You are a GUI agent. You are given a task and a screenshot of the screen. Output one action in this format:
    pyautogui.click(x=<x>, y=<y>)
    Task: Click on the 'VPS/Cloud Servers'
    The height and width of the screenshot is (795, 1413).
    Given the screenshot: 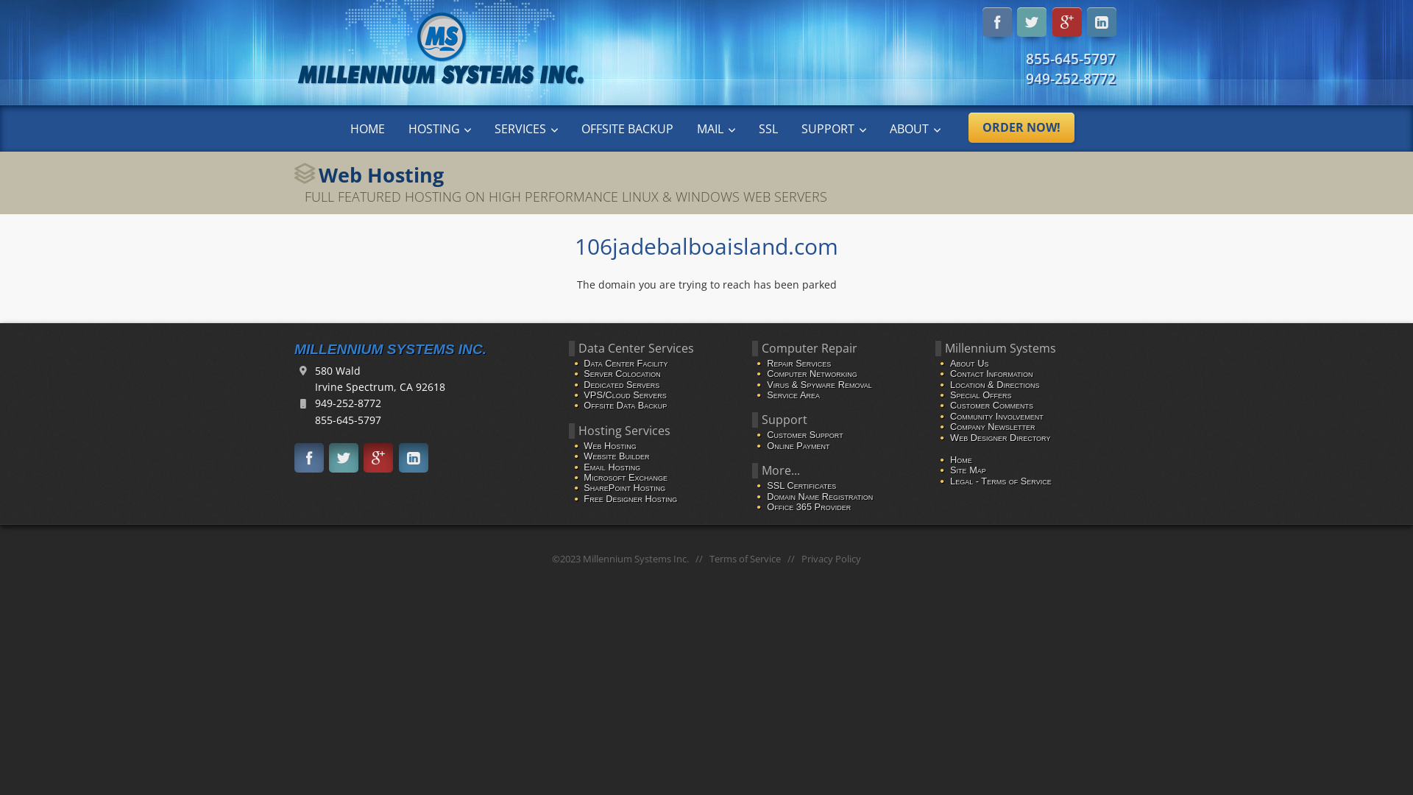 What is the action you would take?
    pyautogui.click(x=625, y=394)
    